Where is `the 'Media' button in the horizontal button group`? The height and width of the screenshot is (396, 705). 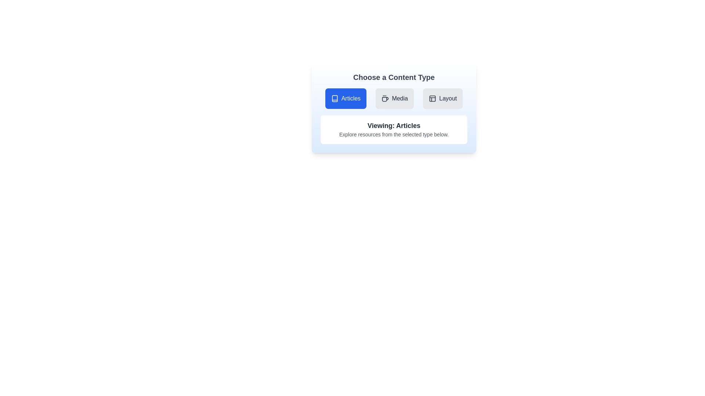 the 'Media' button in the horizontal button group is located at coordinates (394, 98).